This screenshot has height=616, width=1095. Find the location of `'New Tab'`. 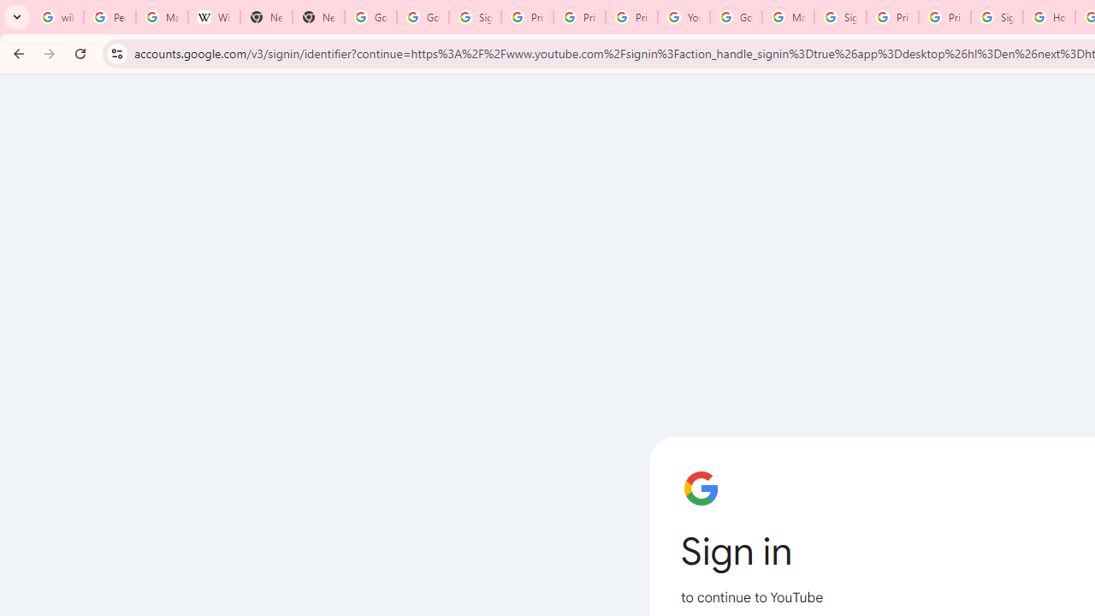

'New Tab' is located at coordinates (265, 17).